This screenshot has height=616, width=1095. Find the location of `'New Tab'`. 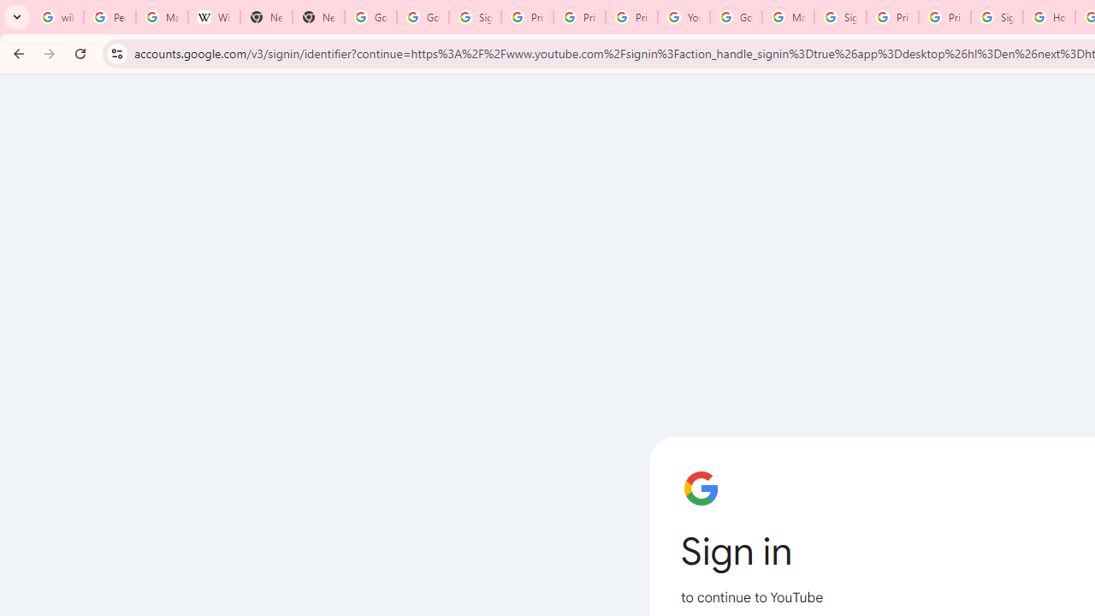

'New Tab' is located at coordinates (265, 17).